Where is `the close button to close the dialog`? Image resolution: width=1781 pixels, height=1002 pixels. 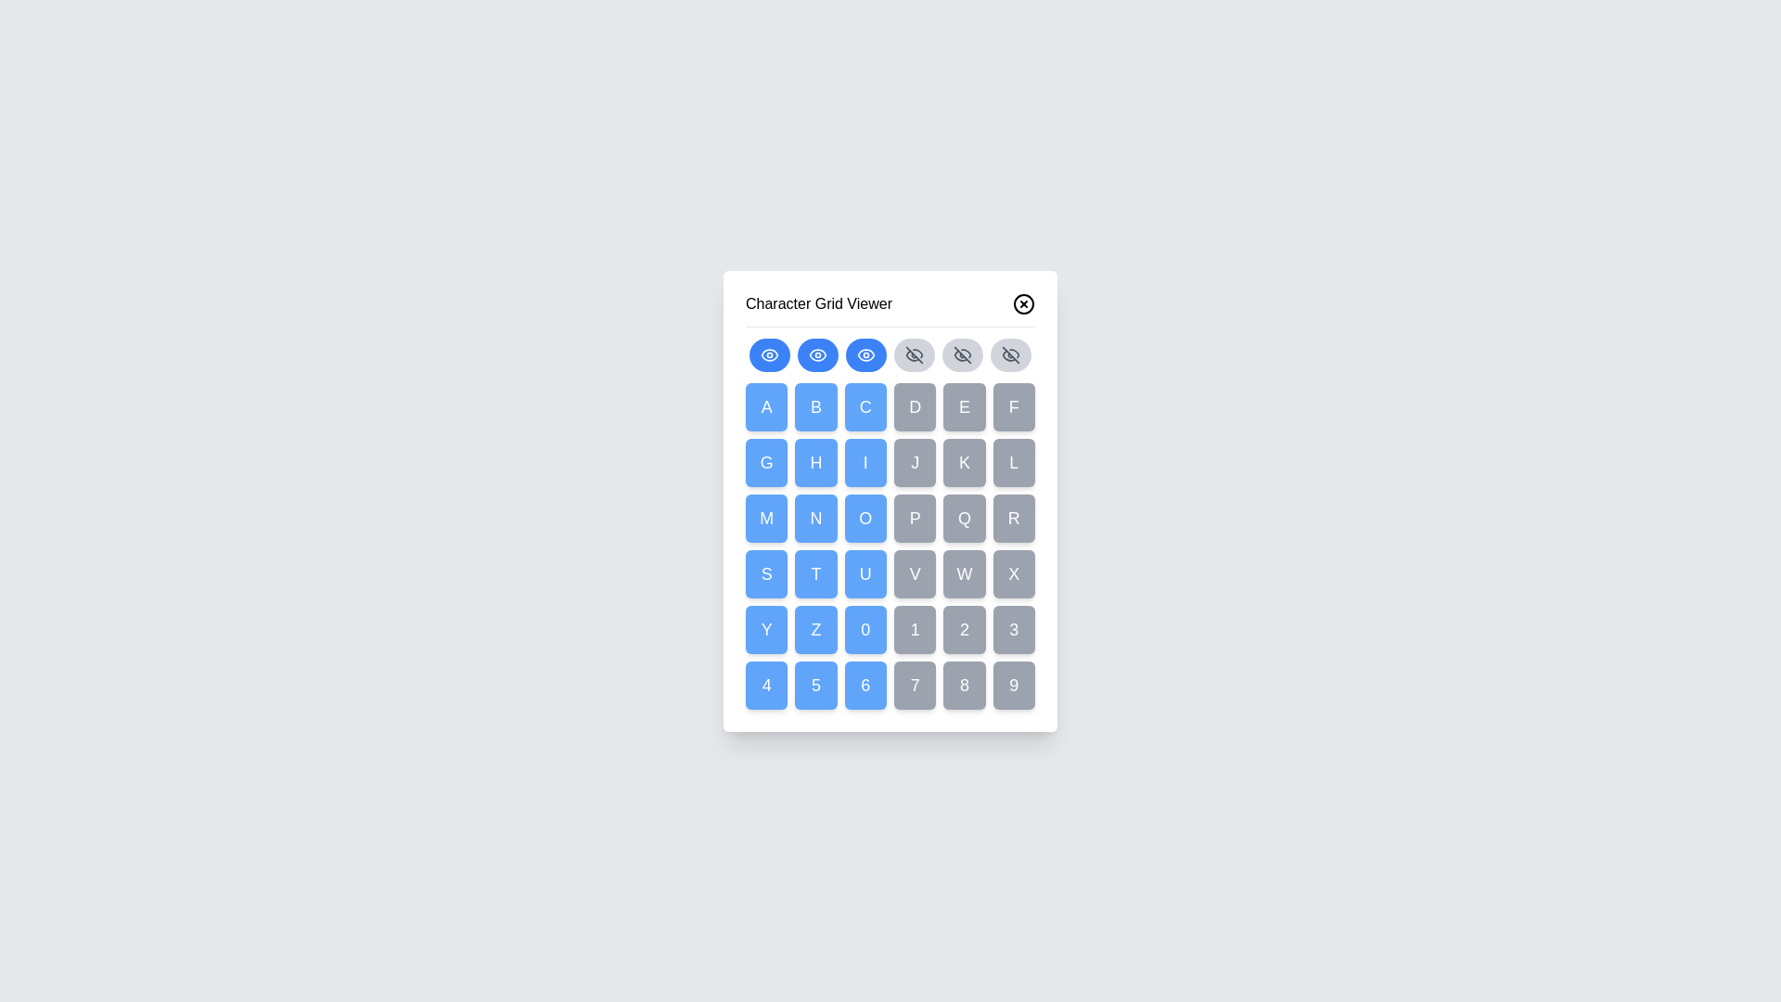 the close button to close the dialog is located at coordinates (1023, 302).